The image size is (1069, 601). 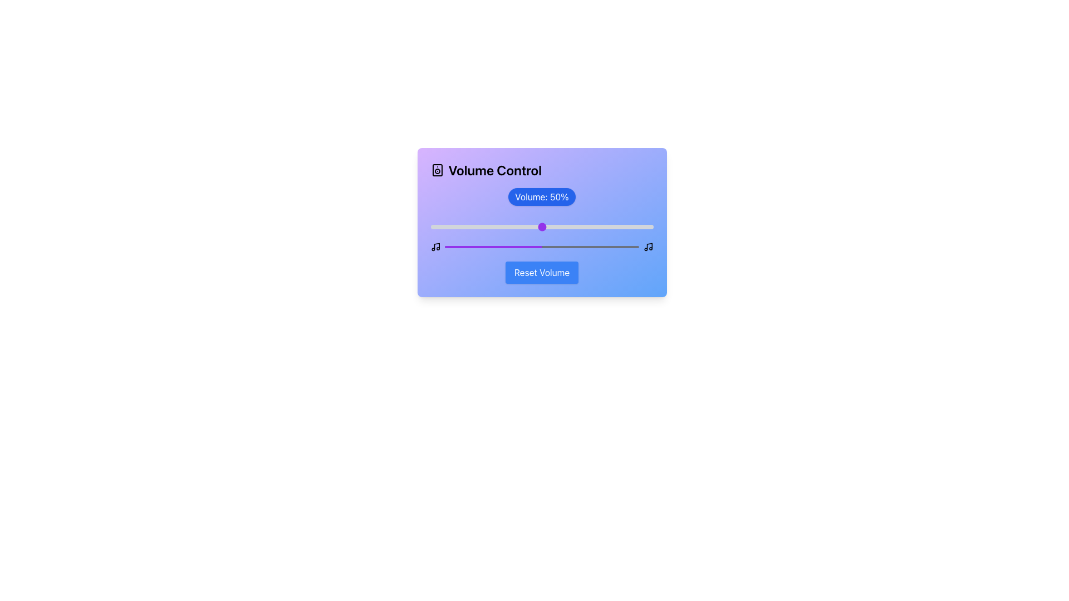 What do you see at coordinates (436, 245) in the screenshot?
I see `the leftmost audio-related icon in the top-left section of the Volume Control interface, which is part of a group of three graphical icons` at bounding box center [436, 245].